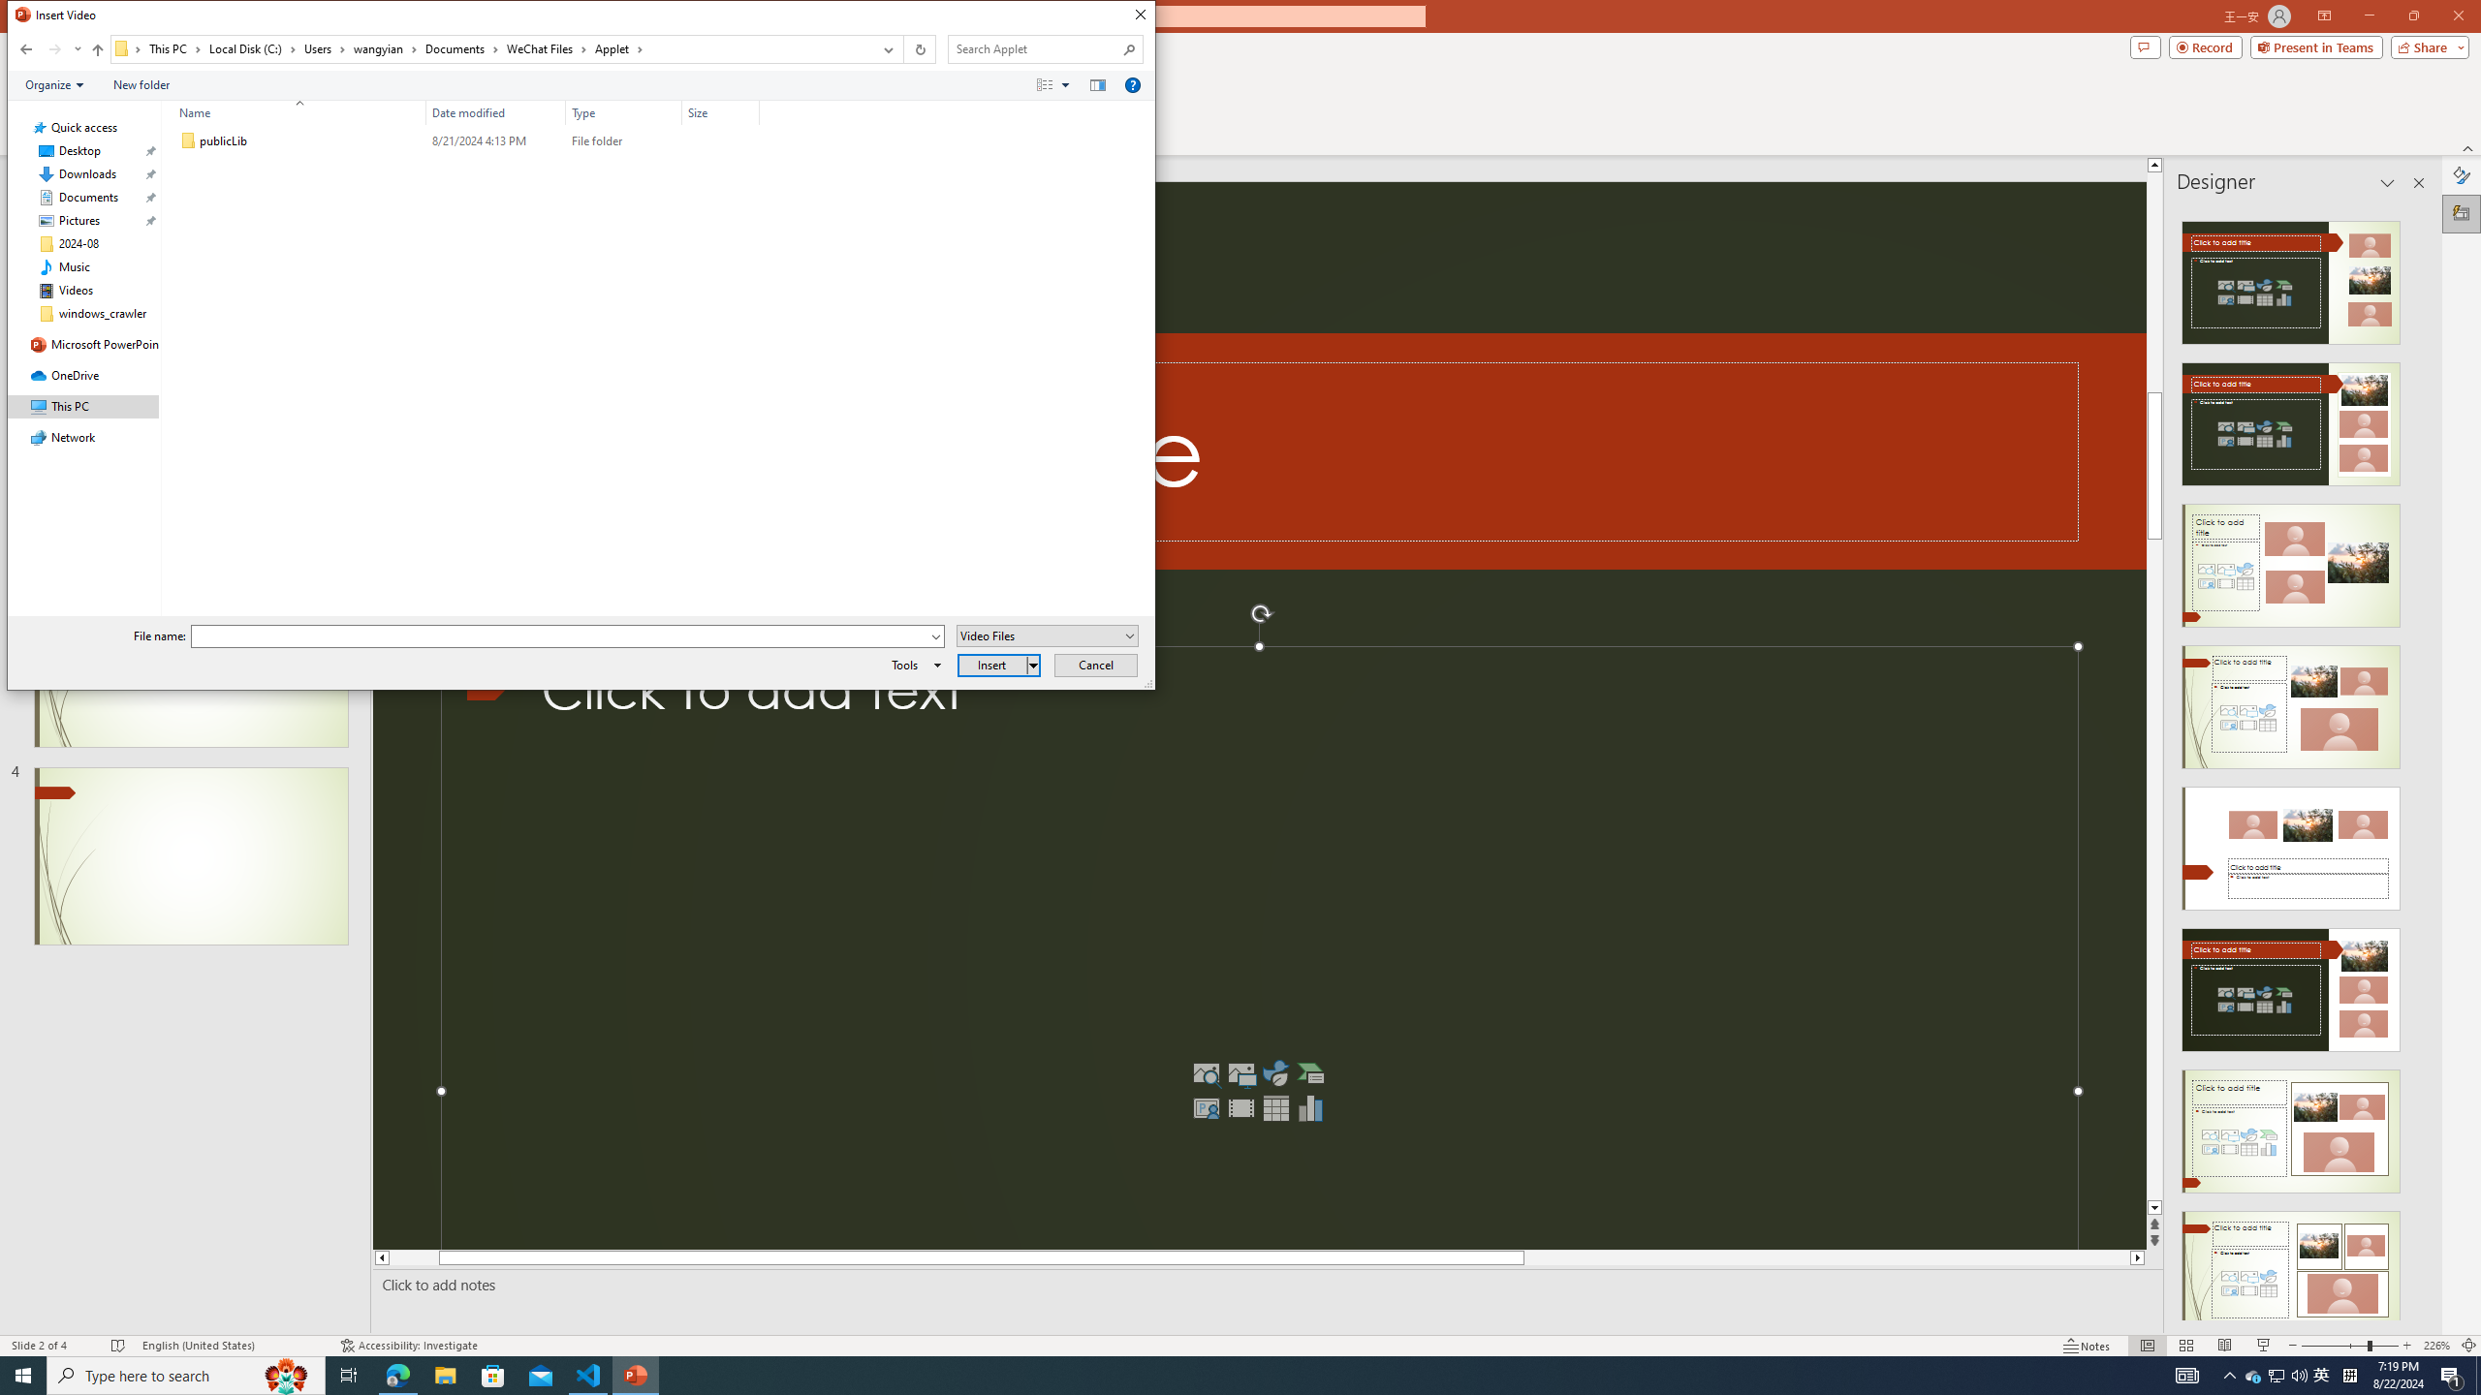  Describe the element at coordinates (48, 48) in the screenshot. I see `'Navigation buttons'` at that location.